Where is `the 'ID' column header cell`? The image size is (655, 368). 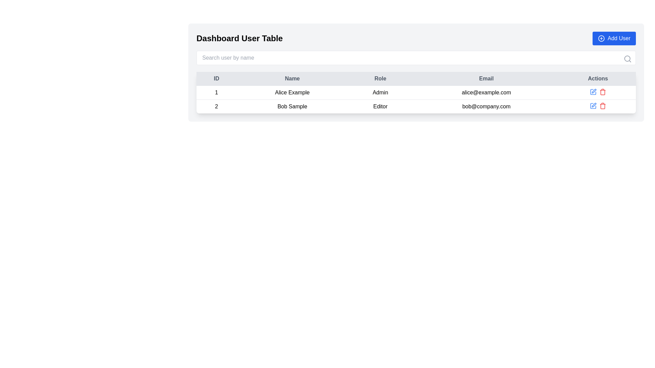
the 'ID' column header cell is located at coordinates (216, 78).